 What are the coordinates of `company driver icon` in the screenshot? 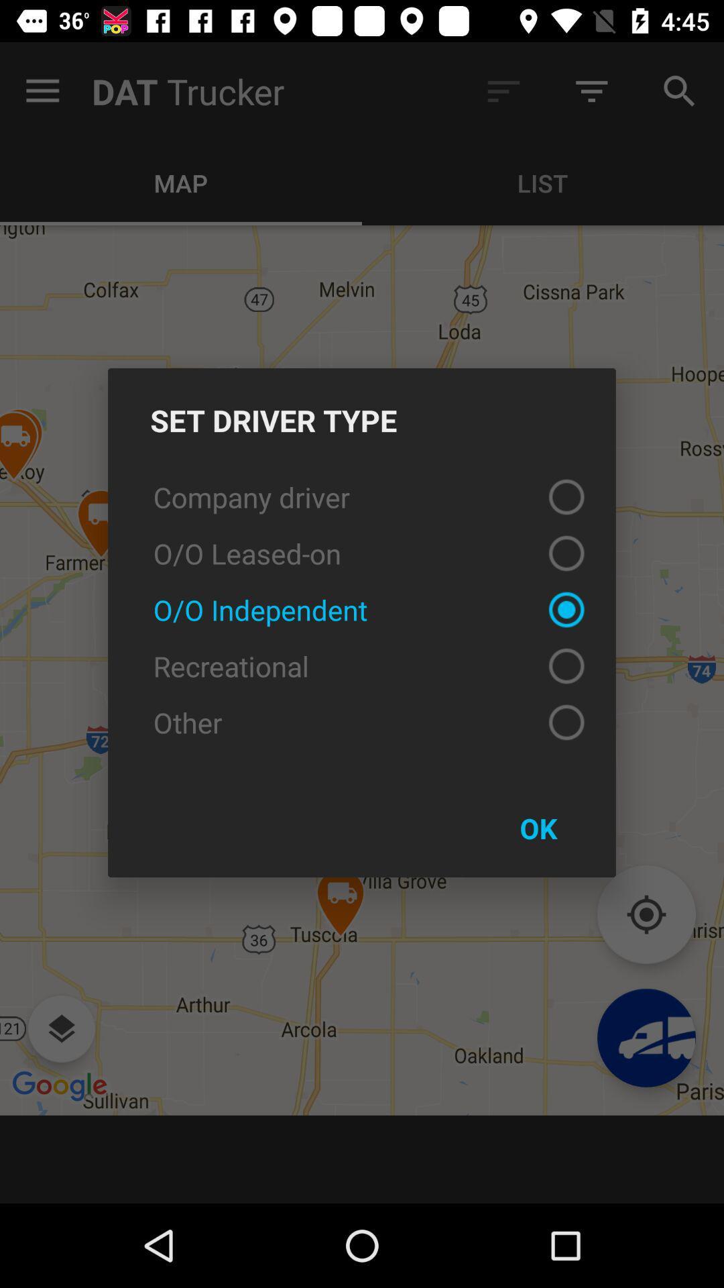 It's located at (362, 496).